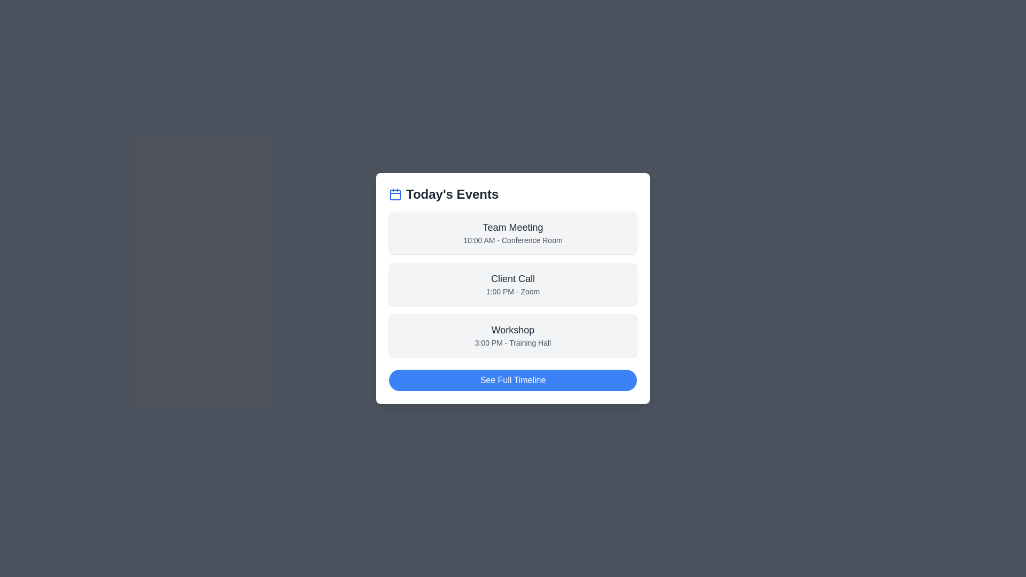 This screenshot has width=1026, height=577. What do you see at coordinates (513, 380) in the screenshot?
I see `the 'See Full Timeline' button to access the full timeline` at bounding box center [513, 380].